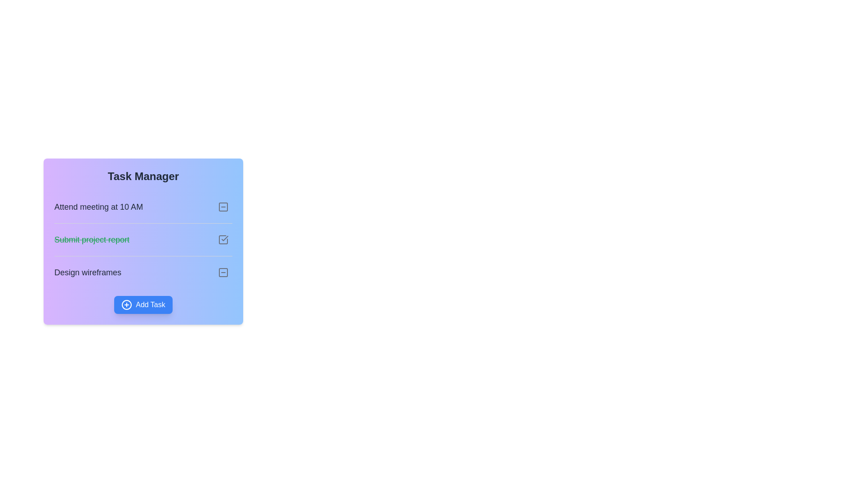 The image size is (863, 485). I want to click on 'Add Task' button to initiate the task addition process, so click(142, 304).